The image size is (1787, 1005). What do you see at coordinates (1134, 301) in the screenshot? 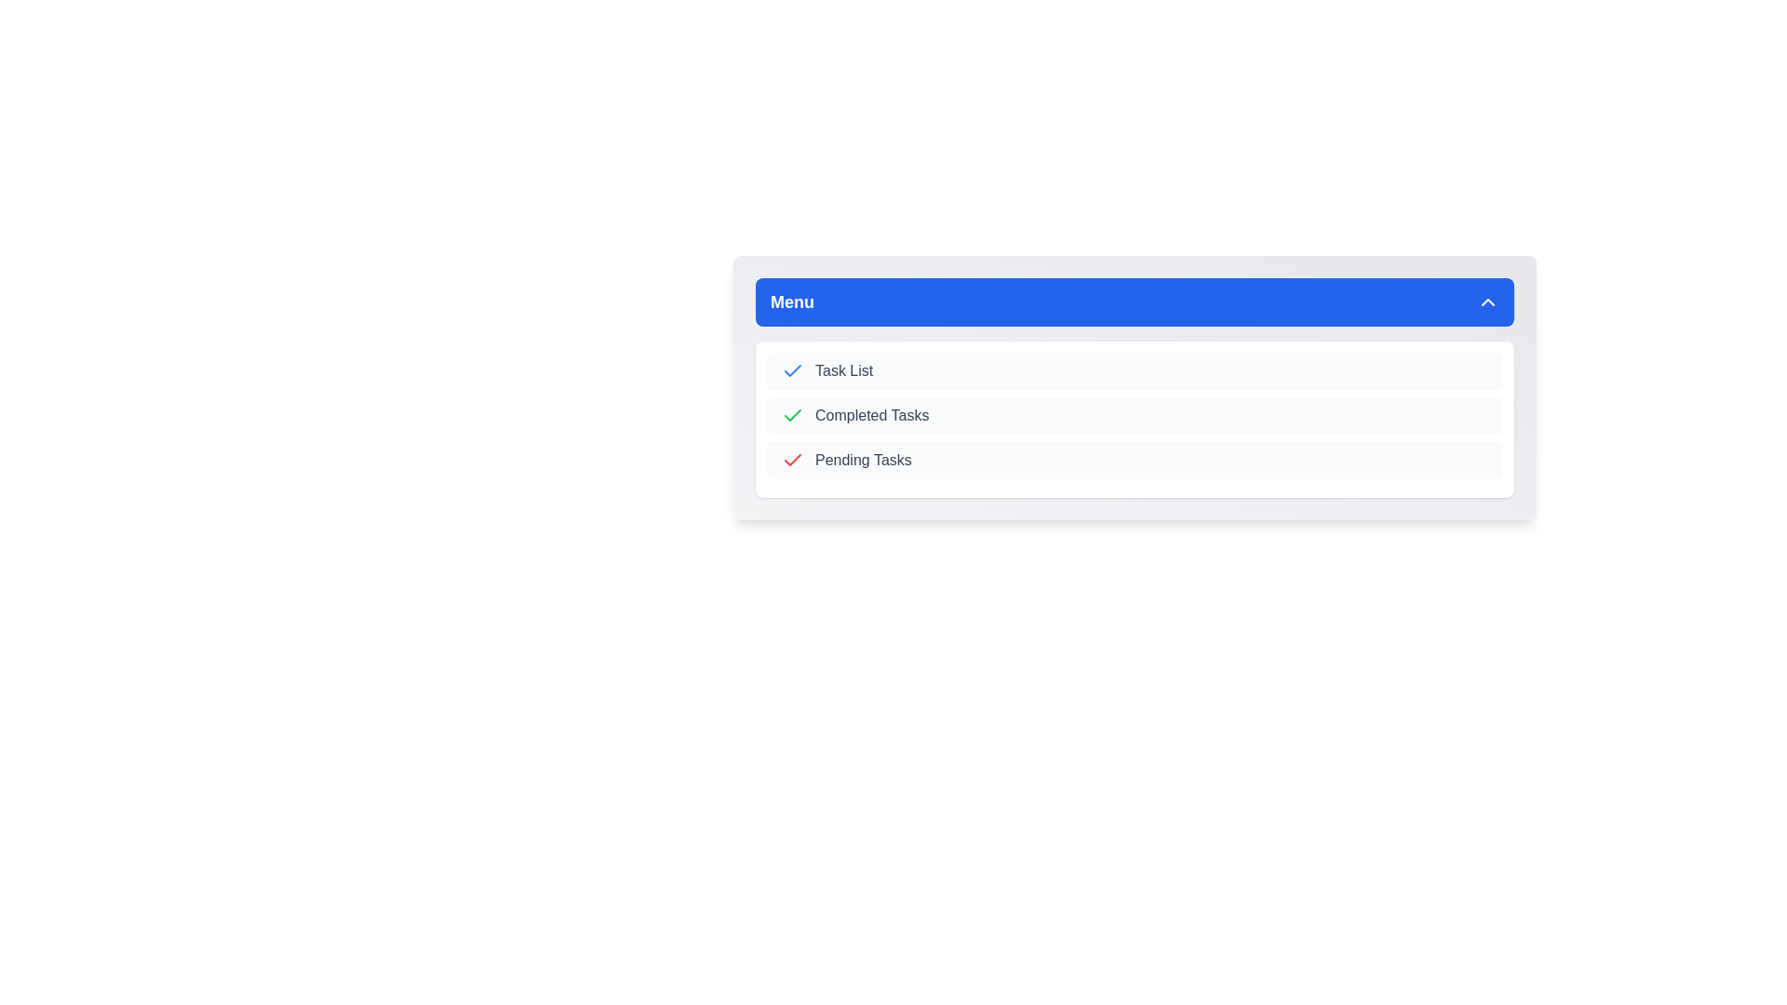
I see `the dropdown menu toggle button at the top of the vertical list` at bounding box center [1134, 301].